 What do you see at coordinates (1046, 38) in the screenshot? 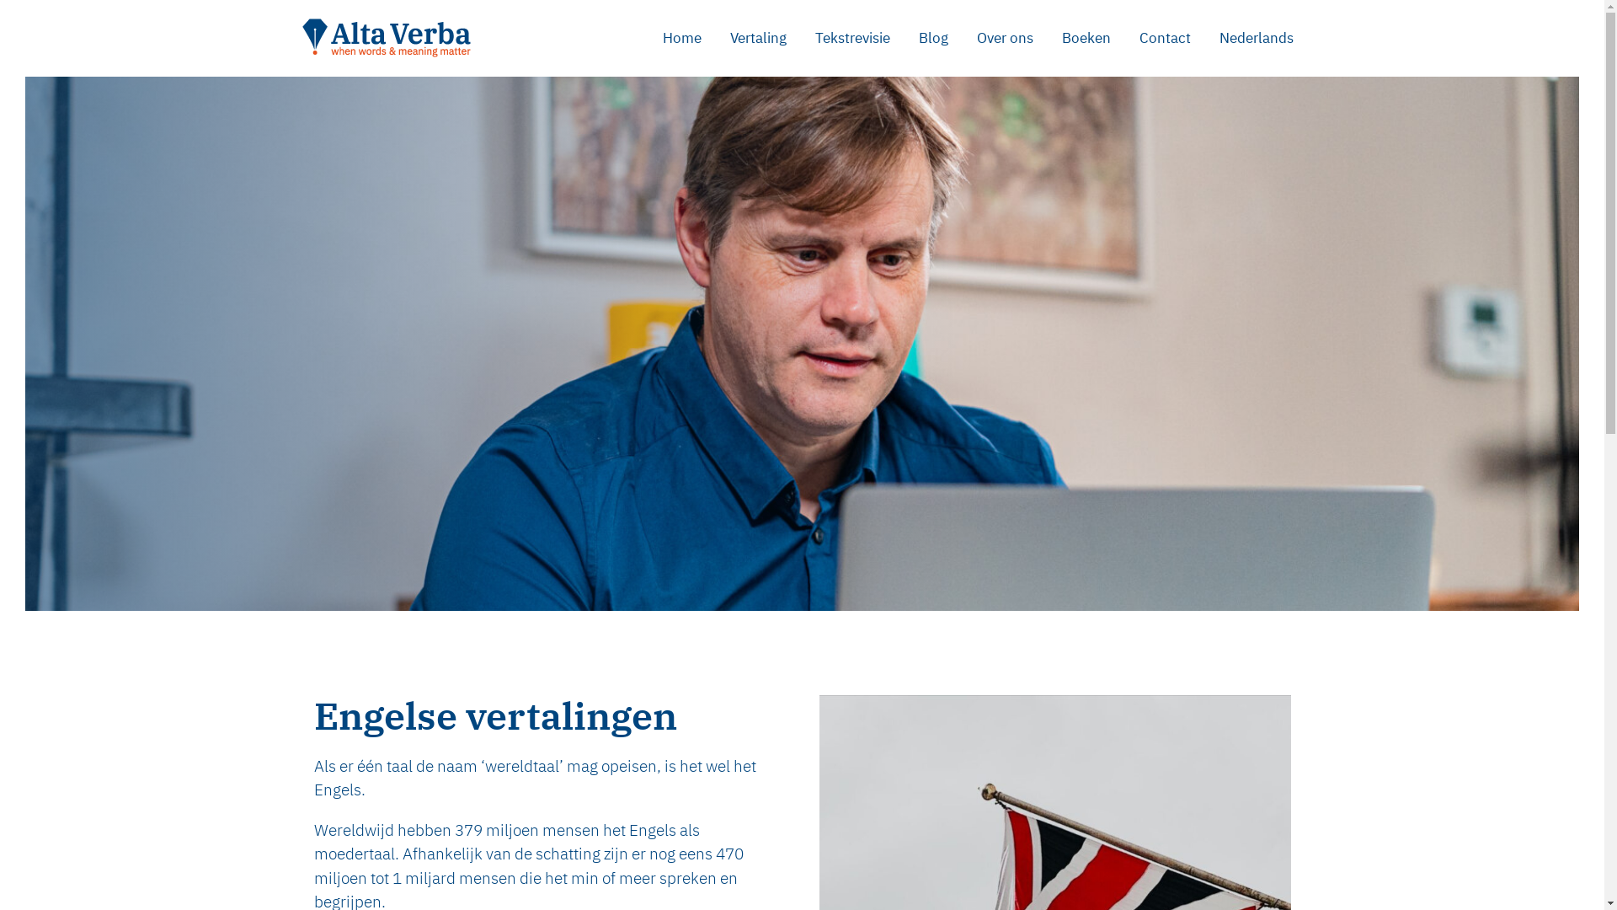
I see `'Boeken'` at bounding box center [1046, 38].